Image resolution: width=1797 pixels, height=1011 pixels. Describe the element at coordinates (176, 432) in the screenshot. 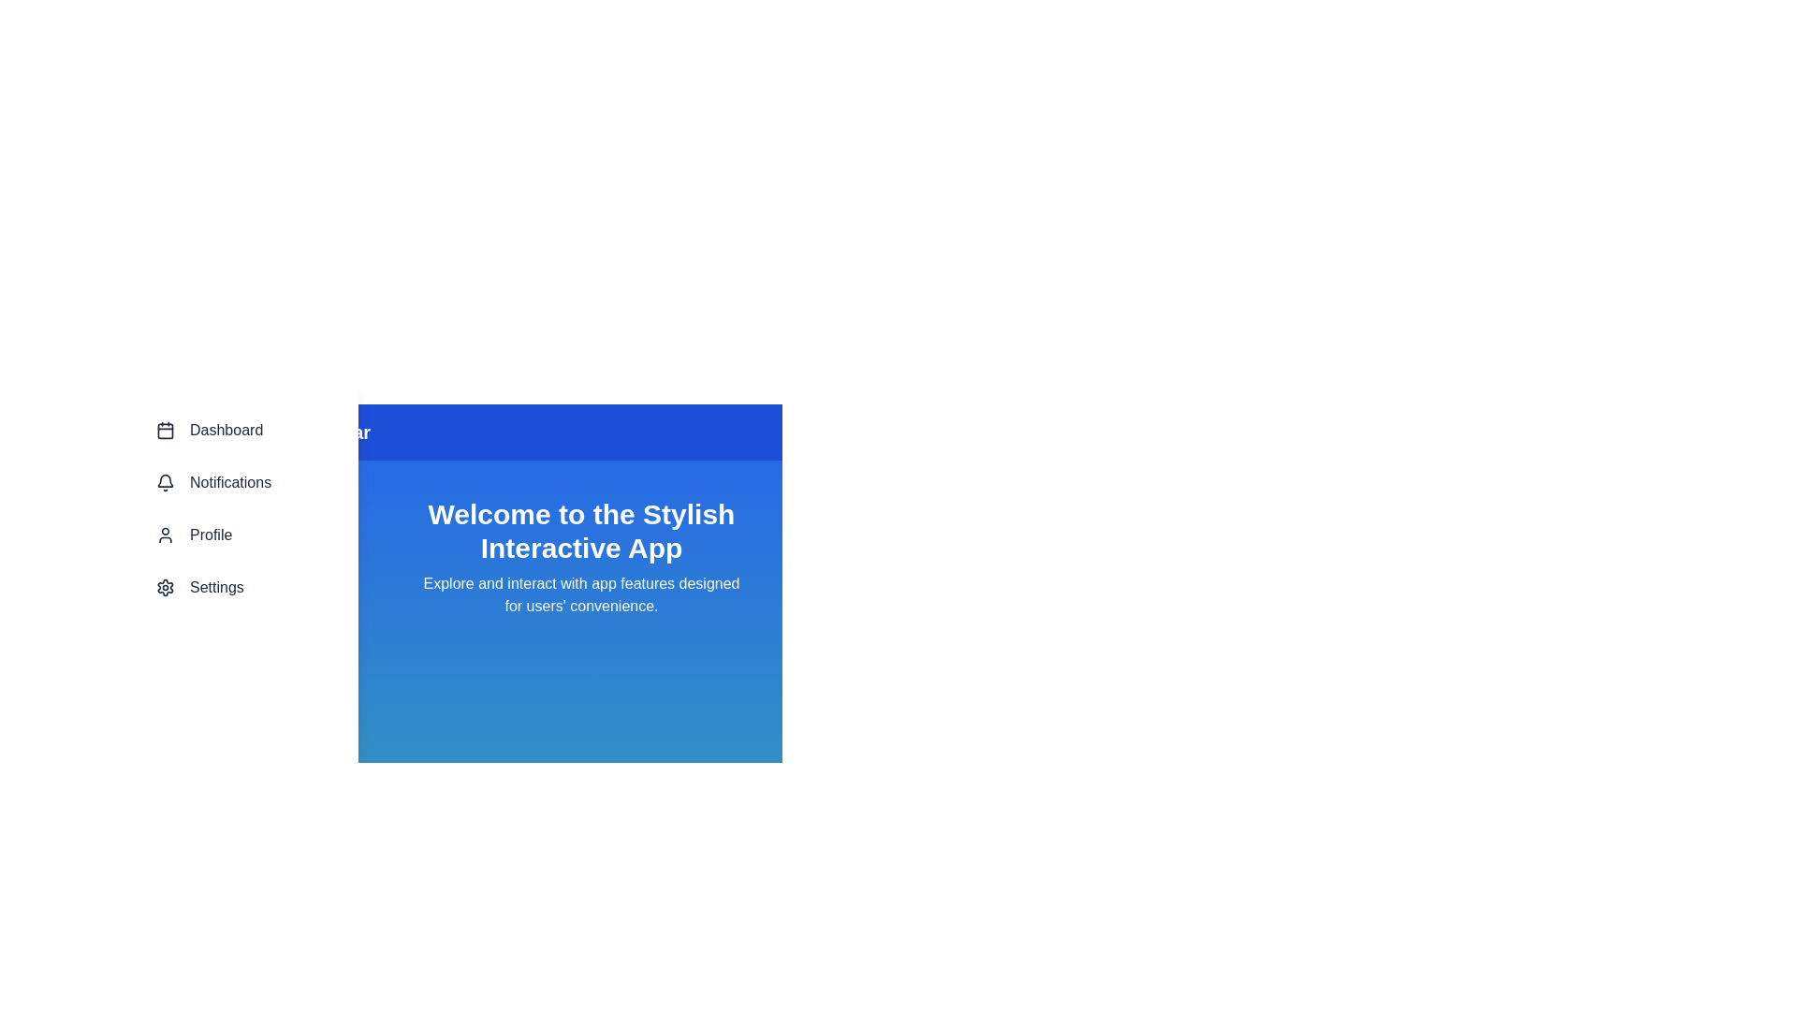

I see `the menu icon to toggle the menu visibility` at that location.